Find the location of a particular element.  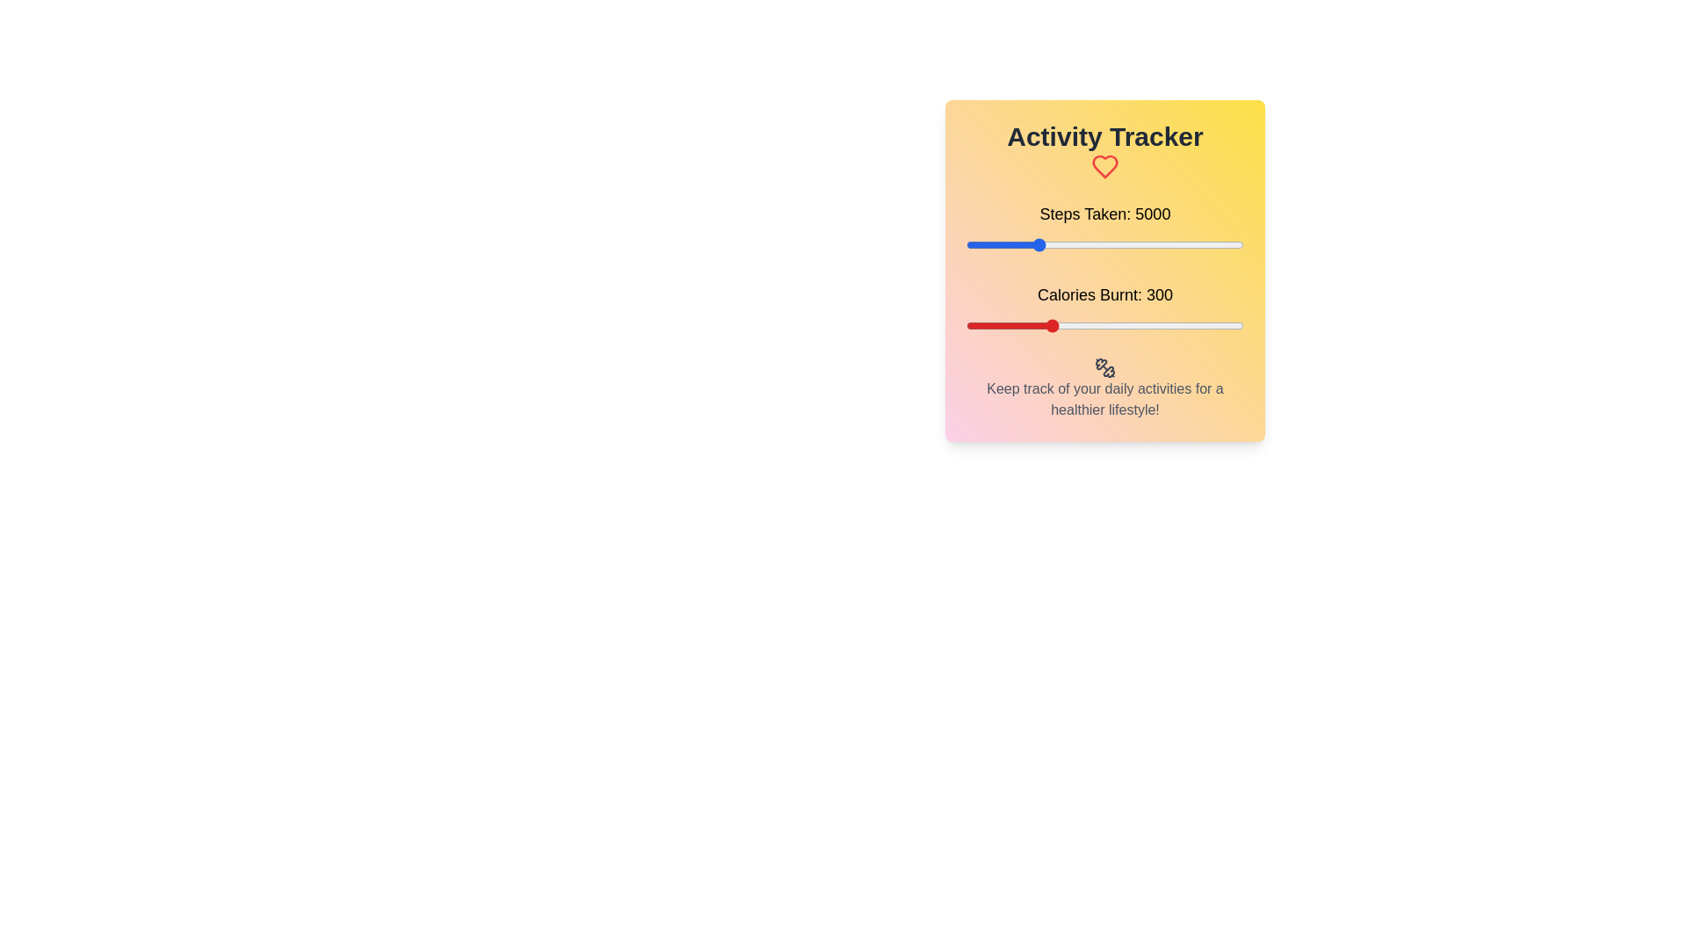

steps taken is located at coordinates (1052, 244).